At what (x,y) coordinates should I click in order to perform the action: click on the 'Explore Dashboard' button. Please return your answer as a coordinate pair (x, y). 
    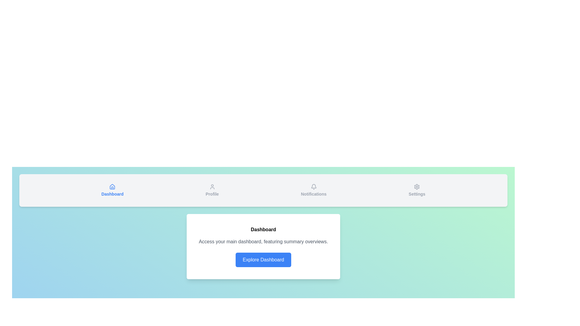
    Looking at the image, I should click on (263, 259).